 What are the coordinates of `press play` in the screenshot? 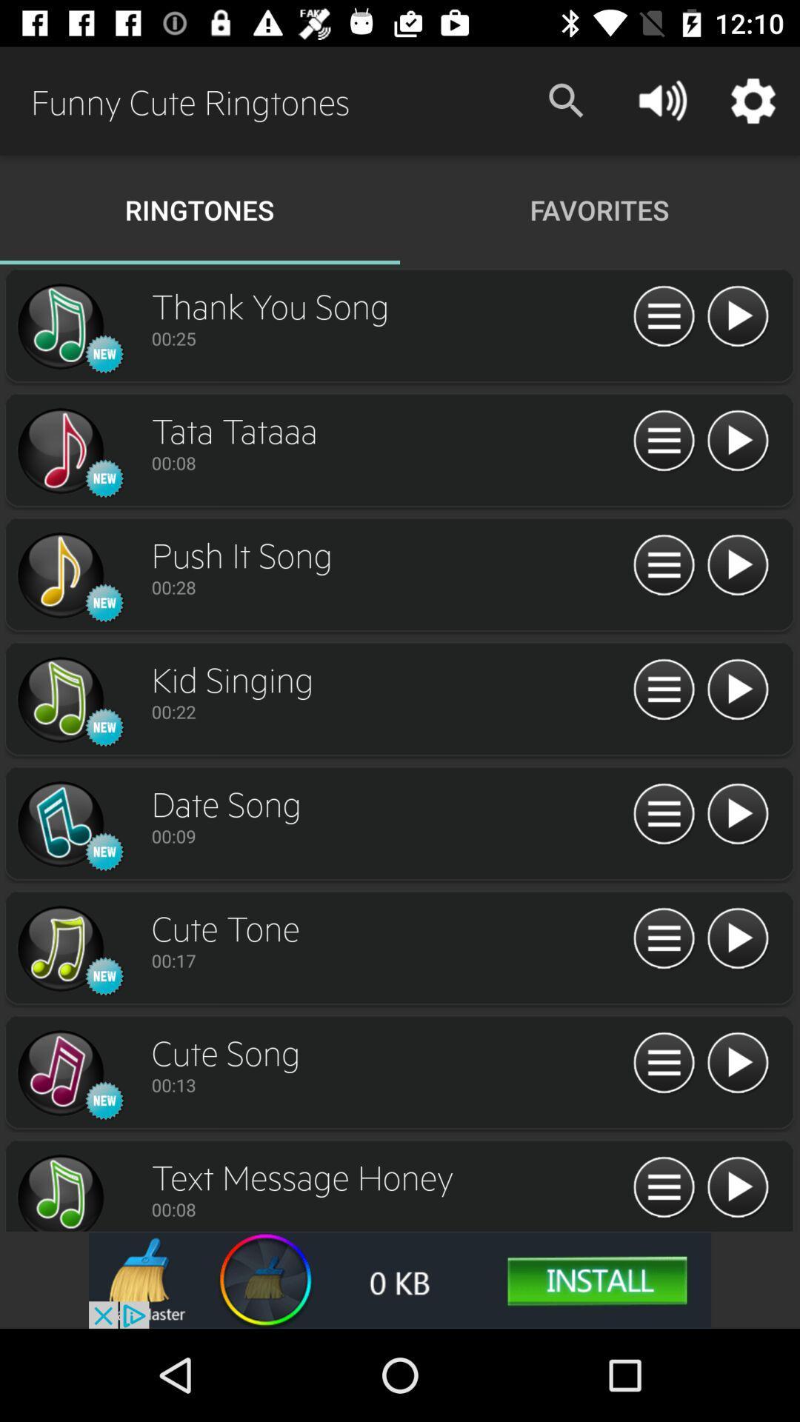 It's located at (737, 814).